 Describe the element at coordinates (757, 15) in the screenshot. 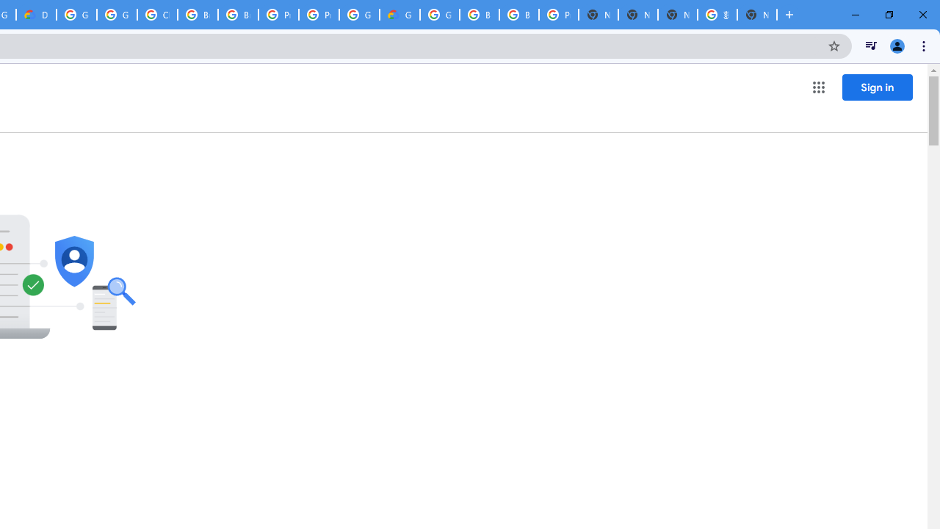

I see `'New Tab'` at that location.